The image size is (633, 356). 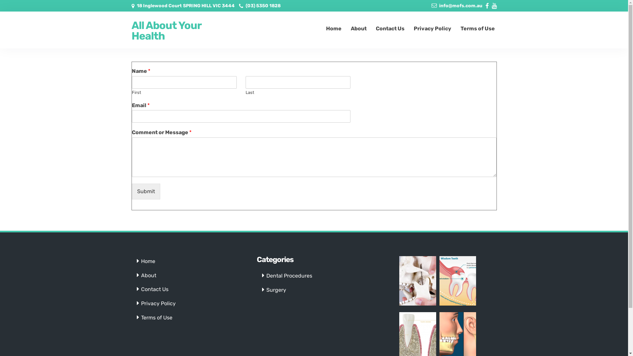 I want to click on 'About', so click(x=148, y=275).